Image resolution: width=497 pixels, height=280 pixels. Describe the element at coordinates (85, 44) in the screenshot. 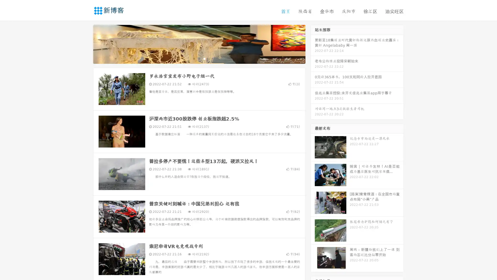

I see `Previous slide` at that location.